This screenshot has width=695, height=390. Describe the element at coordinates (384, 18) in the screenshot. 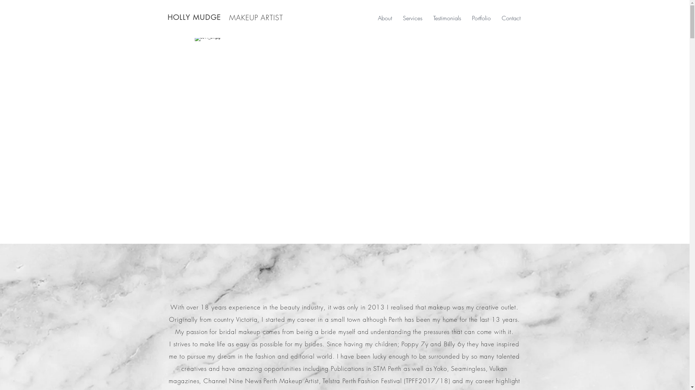

I see `'About'` at that location.